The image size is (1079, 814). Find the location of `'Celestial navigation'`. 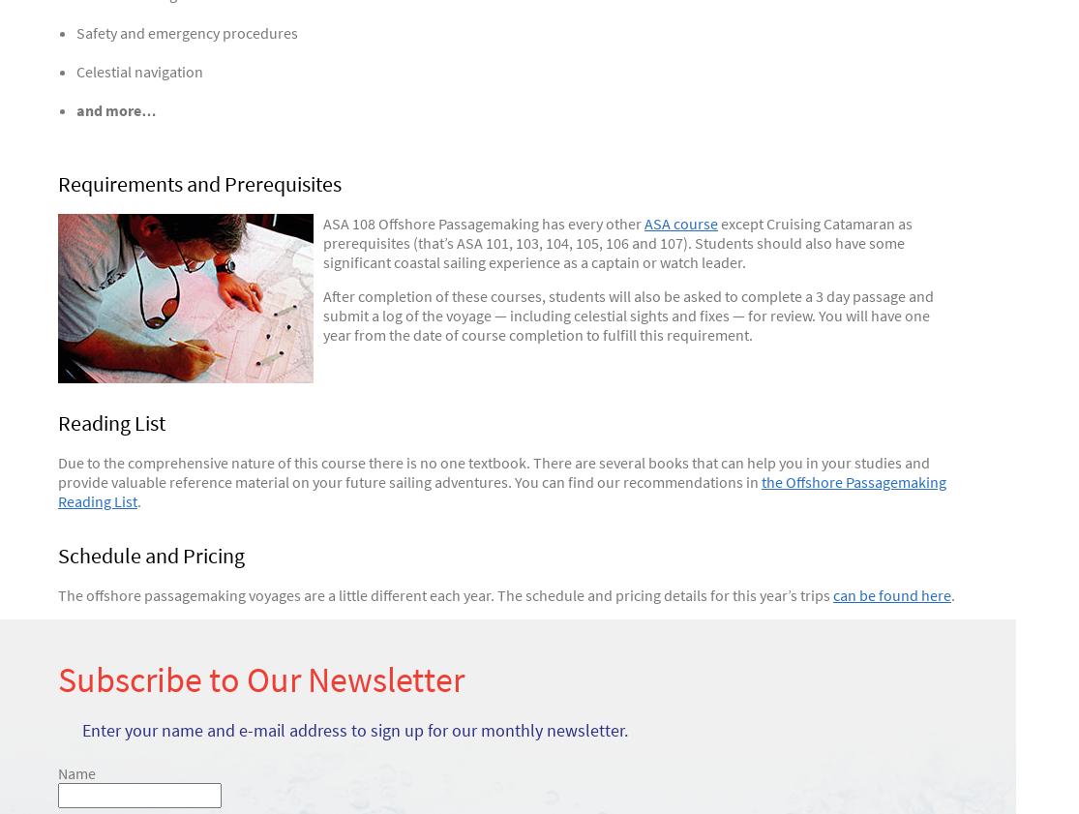

'Celestial navigation' is located at coordinates (138, 71).